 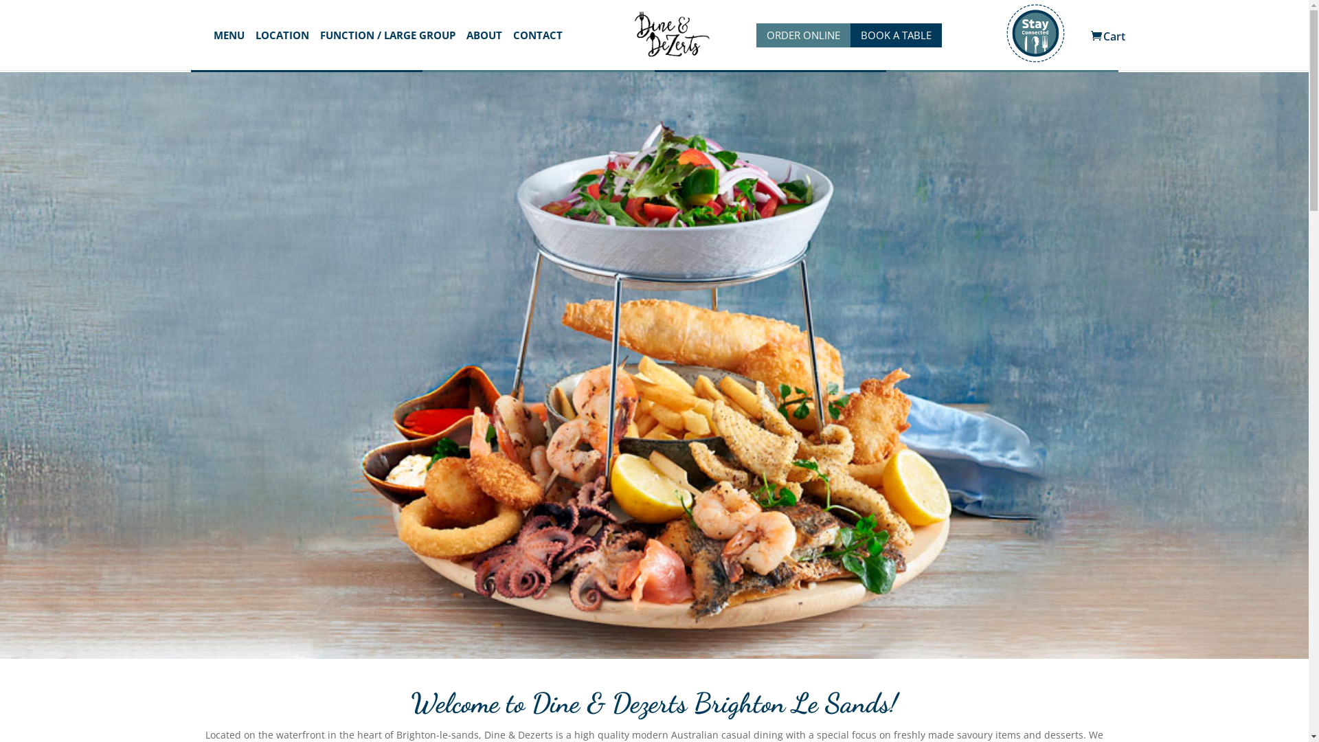 What do you see at coordinates (282, 49) in the screenshot?
I see `'LOCATION'` at bounding box center [282, 49].